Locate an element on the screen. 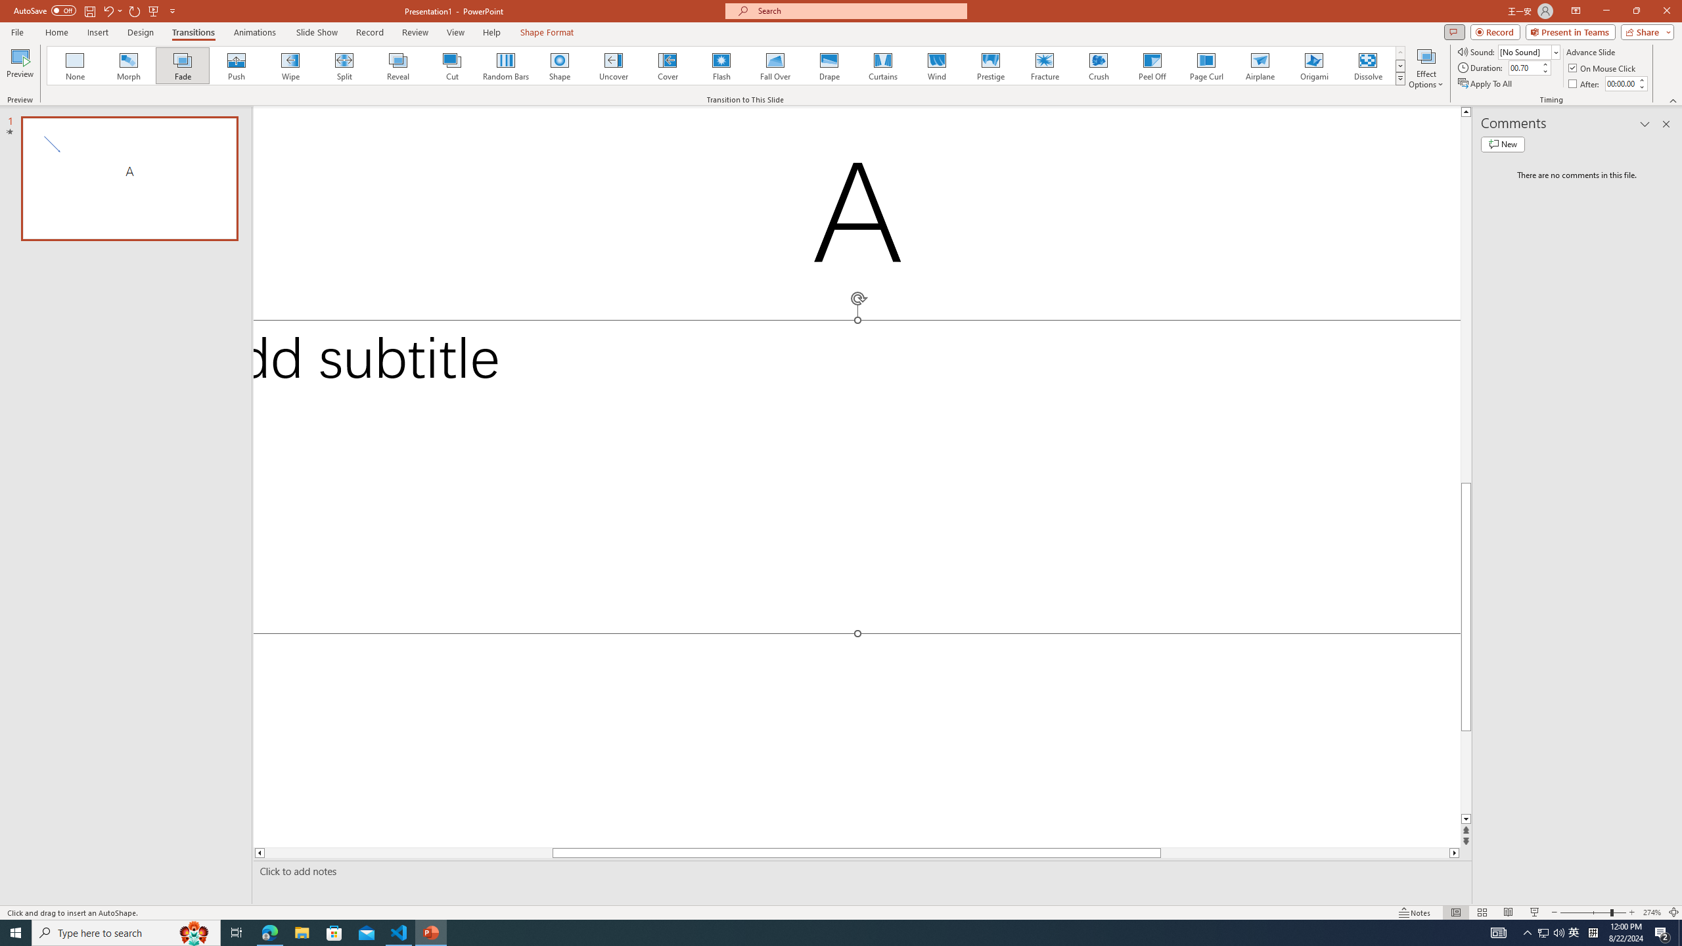  'Apply To All' is located at coordinates (1486, 83).